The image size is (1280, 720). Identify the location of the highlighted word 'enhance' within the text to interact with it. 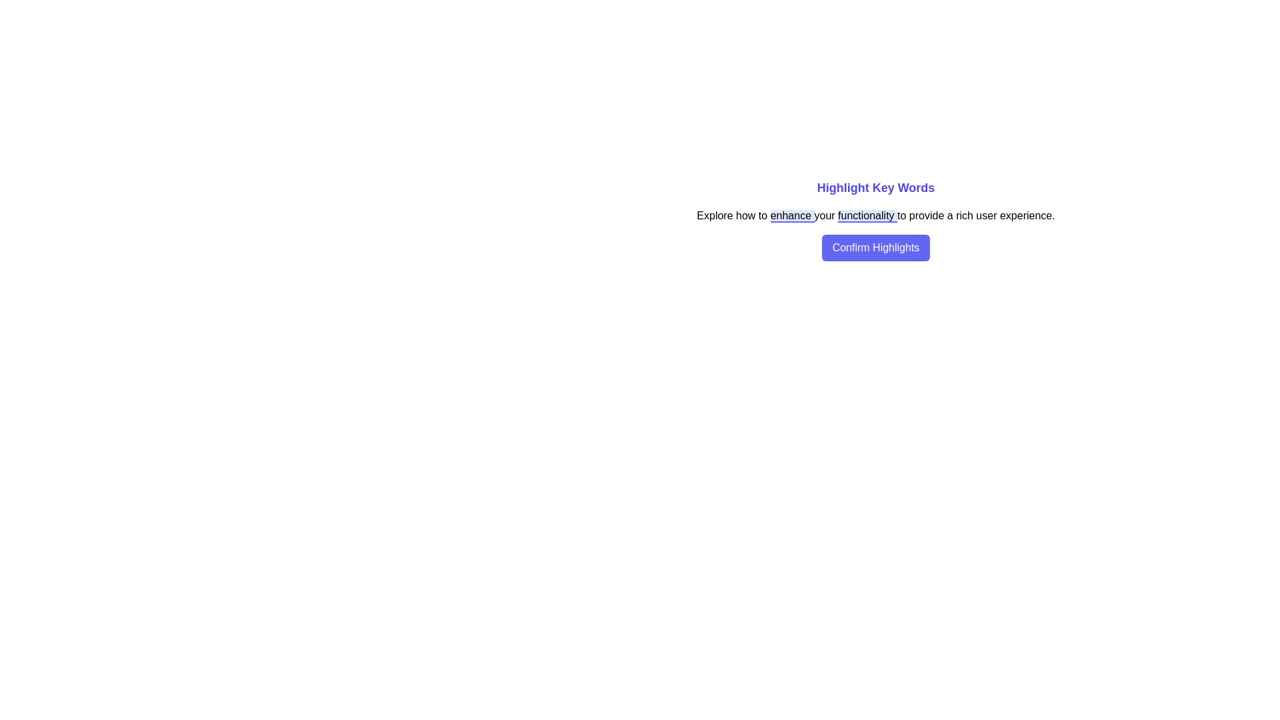
(792, 215).